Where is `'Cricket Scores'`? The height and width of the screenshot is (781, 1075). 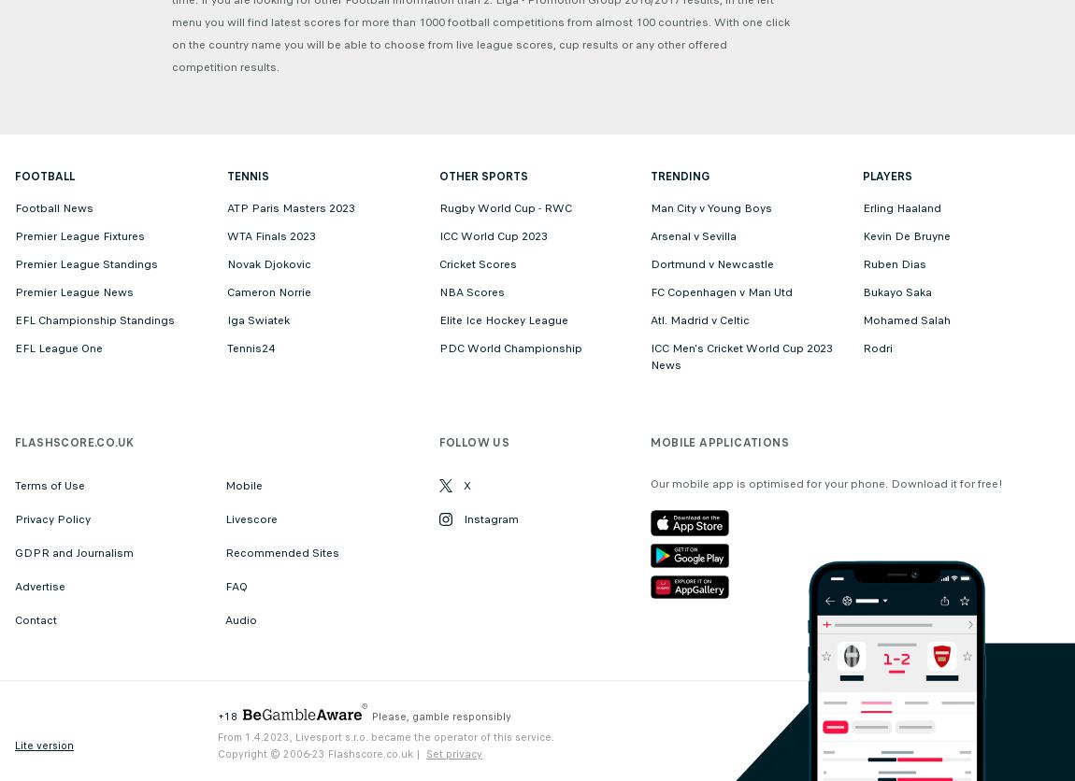
'Cricket Scores' is located at coordinates (477, 263).